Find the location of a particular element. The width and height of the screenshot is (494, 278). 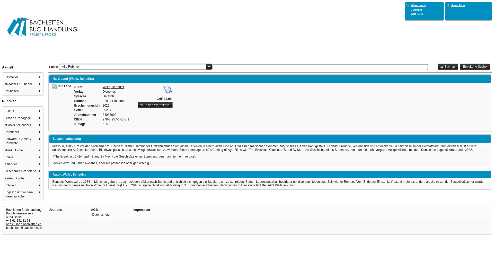

'Suchen' is located at coordinates (448, 66).